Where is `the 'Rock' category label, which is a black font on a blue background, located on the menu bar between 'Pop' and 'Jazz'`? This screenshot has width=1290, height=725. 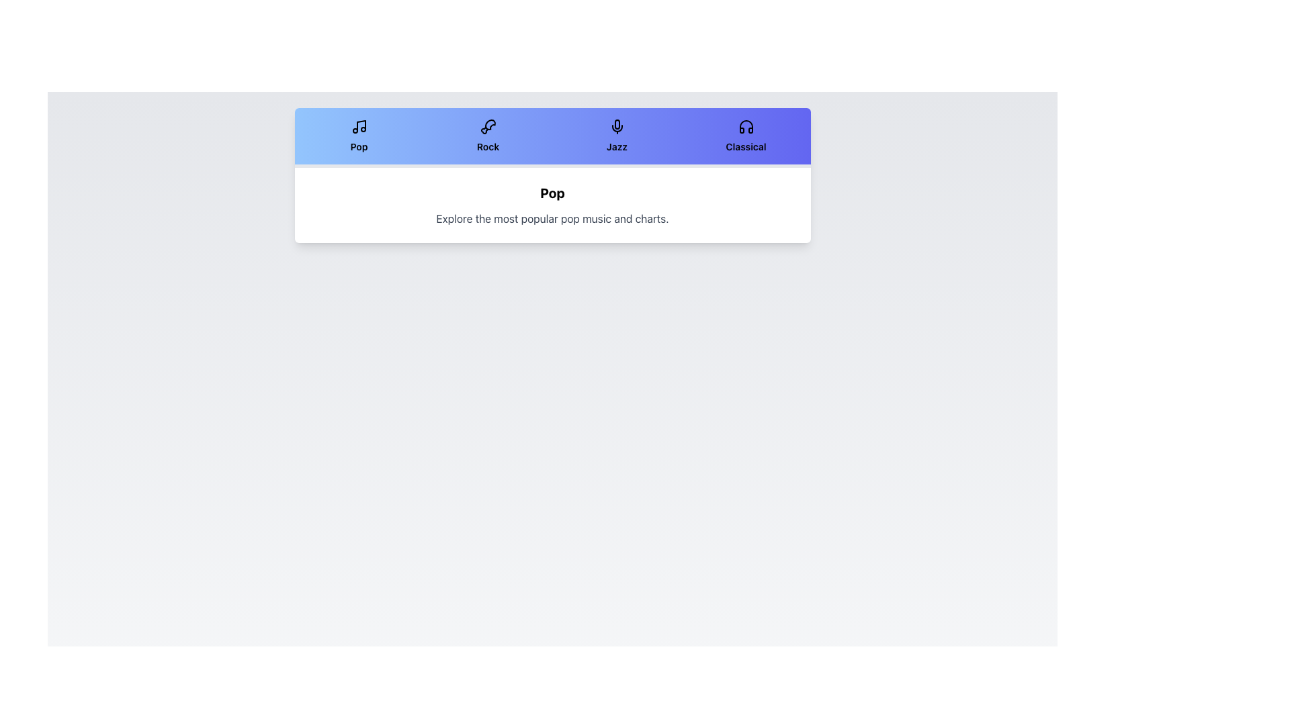
the 'Rock' category label, which is a black font on a blue background, located on the menu bar between 'Pop' and 'Jazz' is located at coordinates (487, 147).